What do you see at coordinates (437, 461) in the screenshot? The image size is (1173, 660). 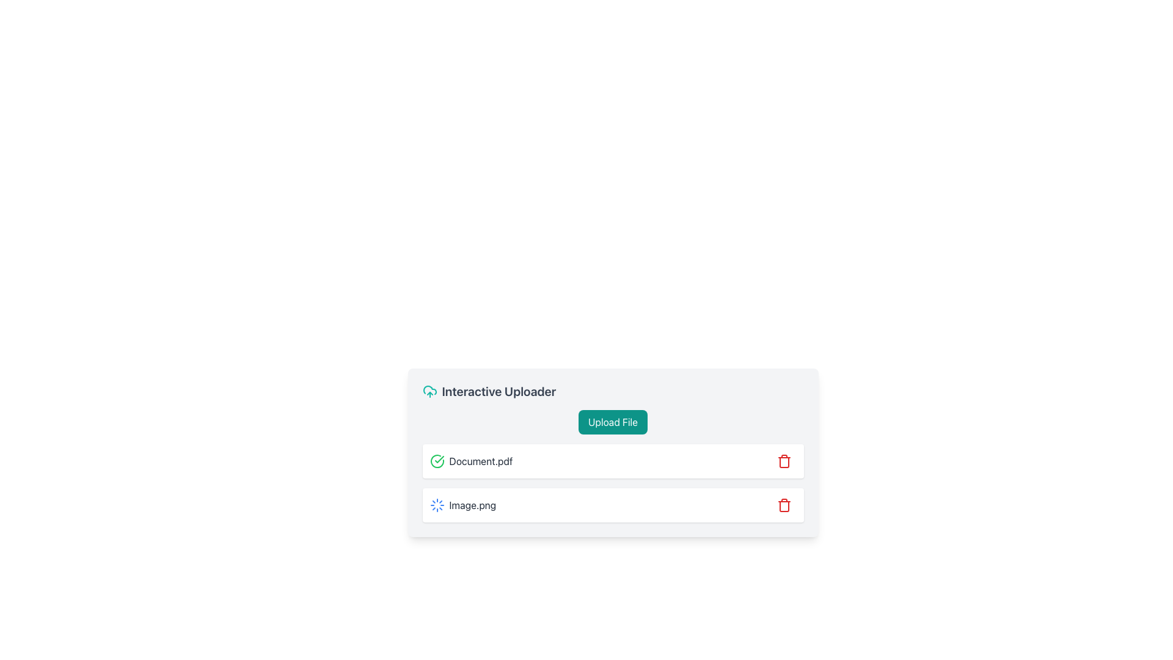 I see `the status icon indicating that 'Document.pdf' has successfully passed a status check, located to the left of the file name in the uploaded files list` at bounding box center [437, 461].